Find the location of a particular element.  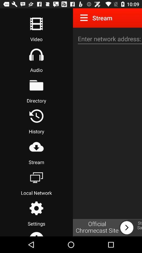

network address is located at coordinates (109, 38).